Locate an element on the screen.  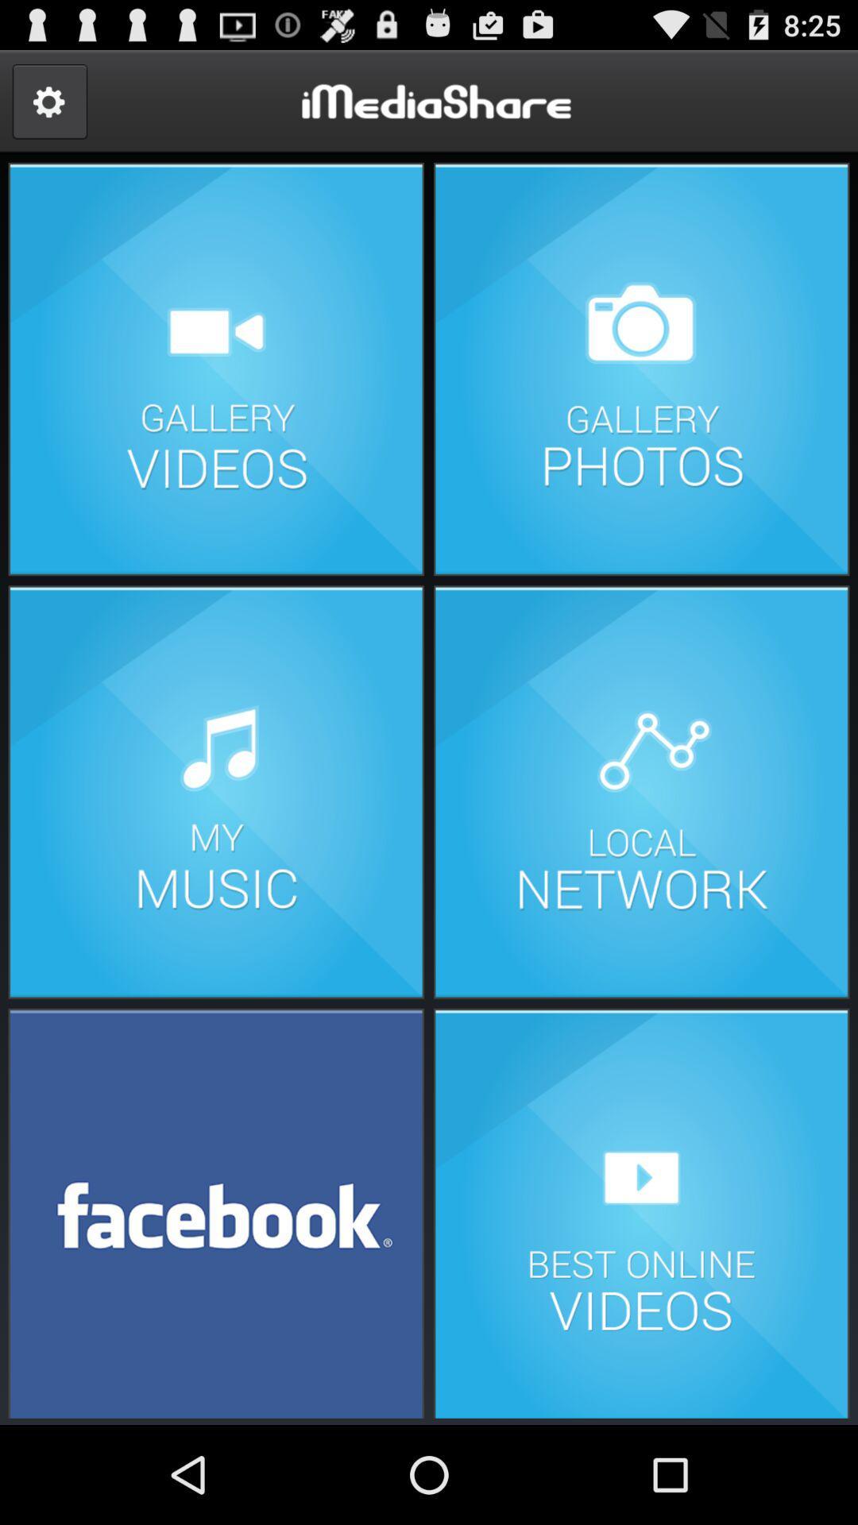
open options is located at coordinates (48, 101).